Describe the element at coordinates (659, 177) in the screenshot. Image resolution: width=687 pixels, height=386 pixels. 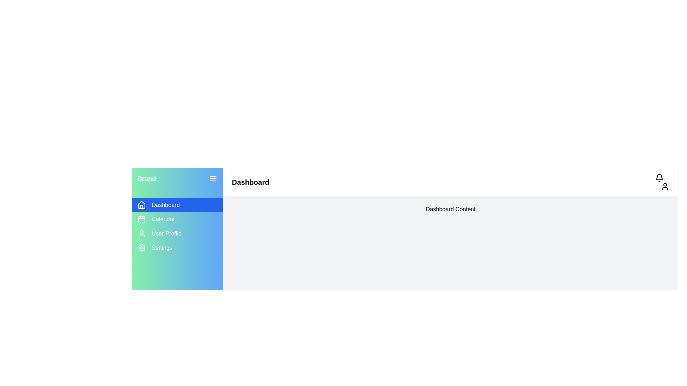
I see `the notification icon (bell) located at the top-right corner of the page, adjacent to the profile icon` at that location.